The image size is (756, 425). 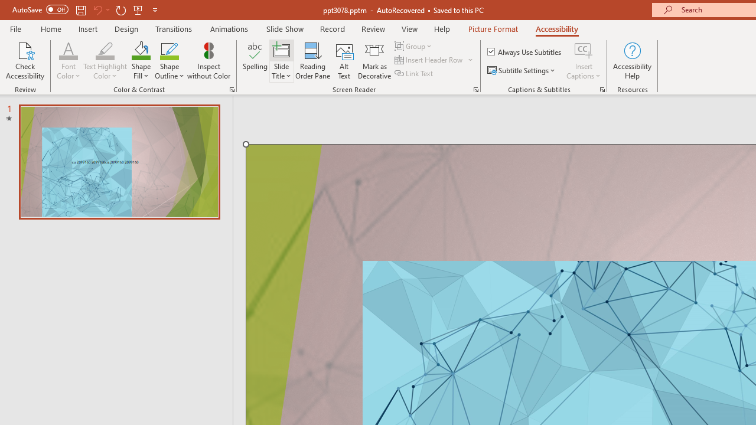 What do you see at coordinates (524, 51) in the screenshot?
I see `'Always Use Subtitles'` at bounding box center [524, 51].